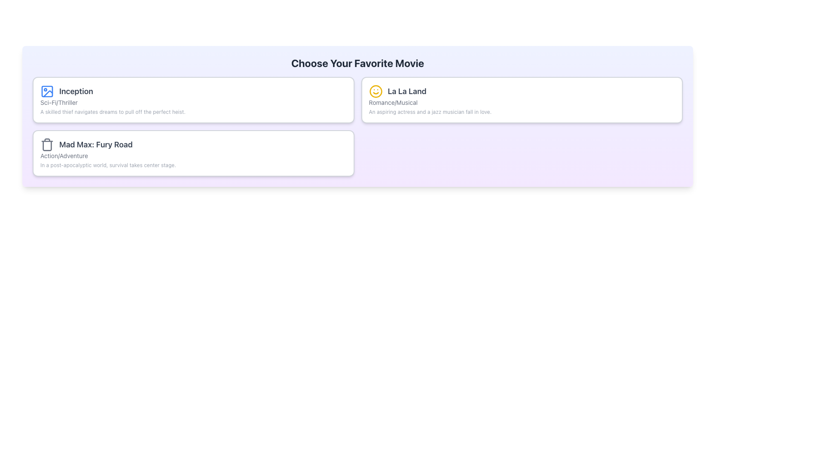 The image size is (825, 464). I want to click on the static text element that provides a brief description of the movie's plot, located in the 'Inception' card, beneath the 'Sci-Fi/Thriller' text, so click(112, 112).